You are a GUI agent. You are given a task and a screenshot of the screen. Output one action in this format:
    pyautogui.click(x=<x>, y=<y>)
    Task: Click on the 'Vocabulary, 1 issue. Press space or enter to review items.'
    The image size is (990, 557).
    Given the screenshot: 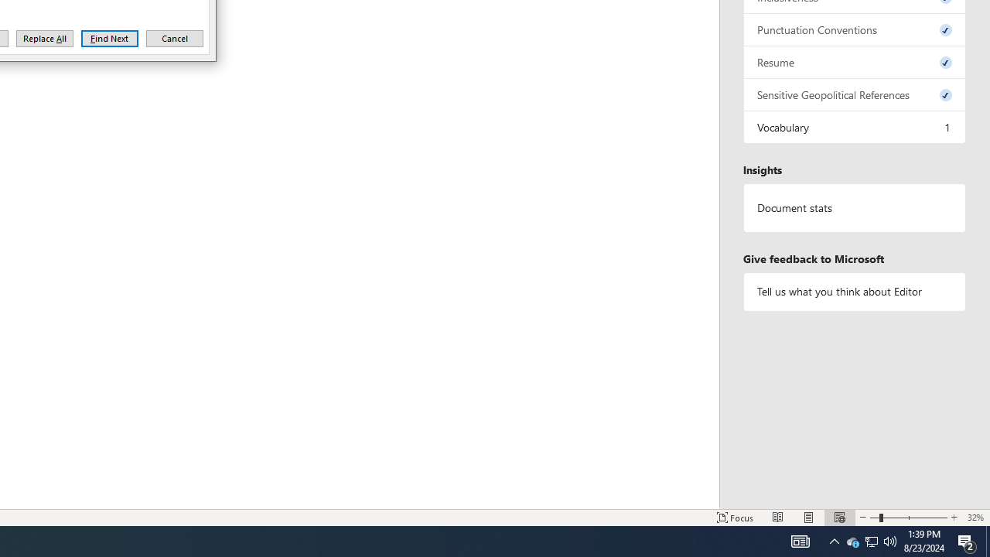 What is the action you would take?
    pyautogui.click(x=854, y=126)
    